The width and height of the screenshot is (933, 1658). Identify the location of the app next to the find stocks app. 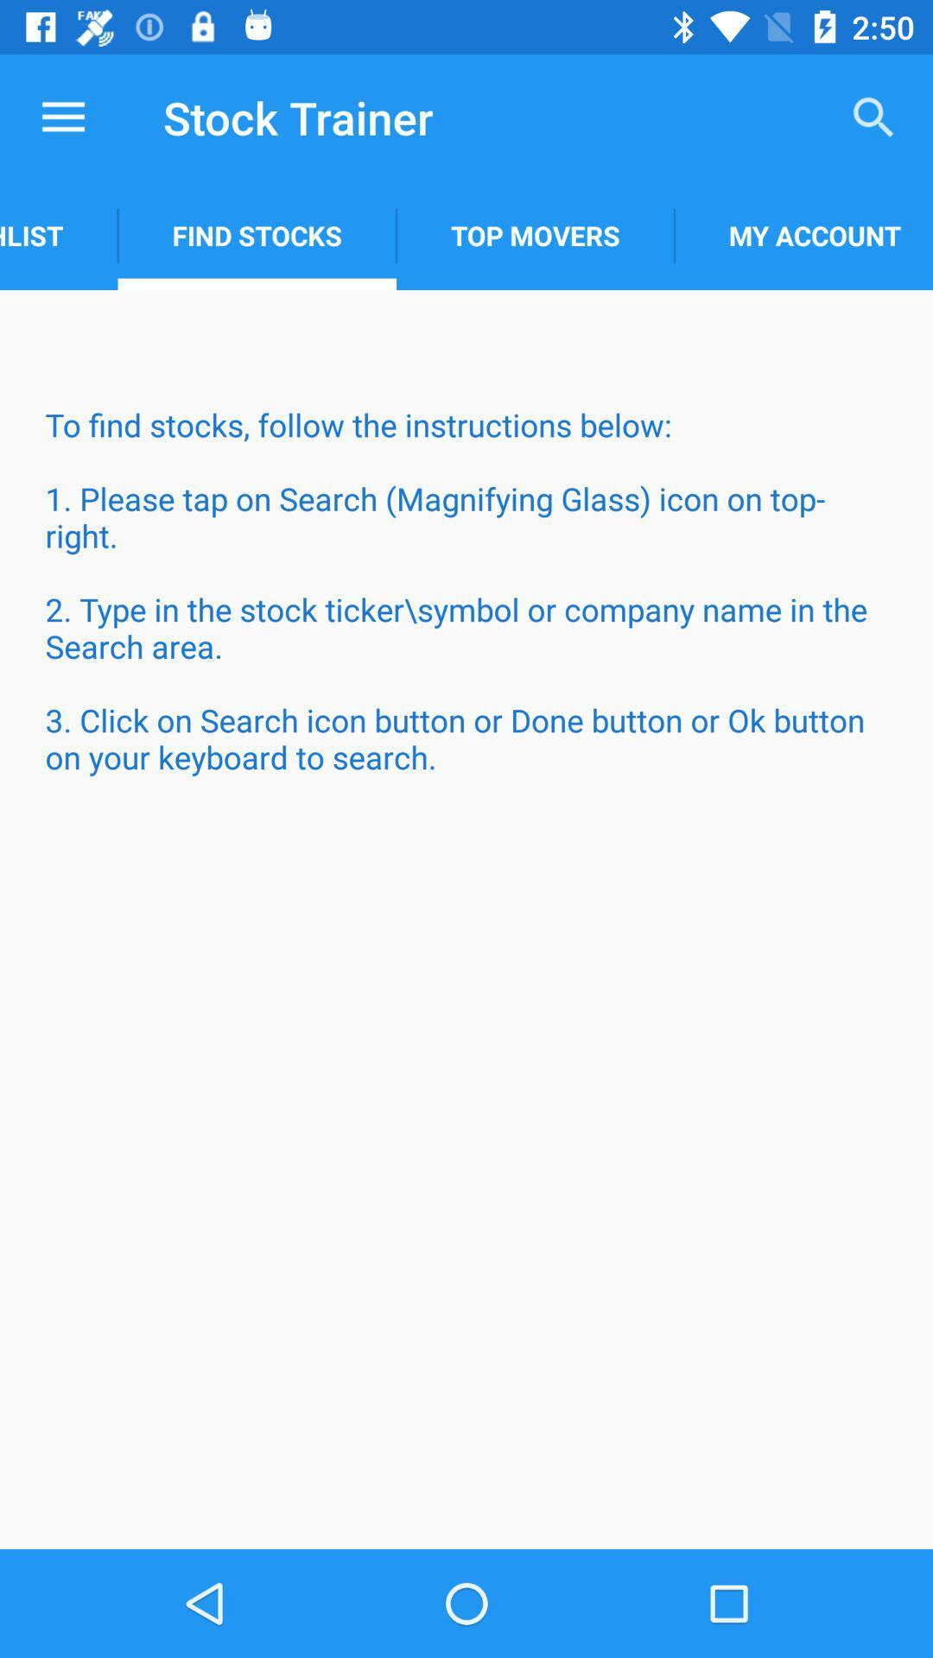
(534, 235).